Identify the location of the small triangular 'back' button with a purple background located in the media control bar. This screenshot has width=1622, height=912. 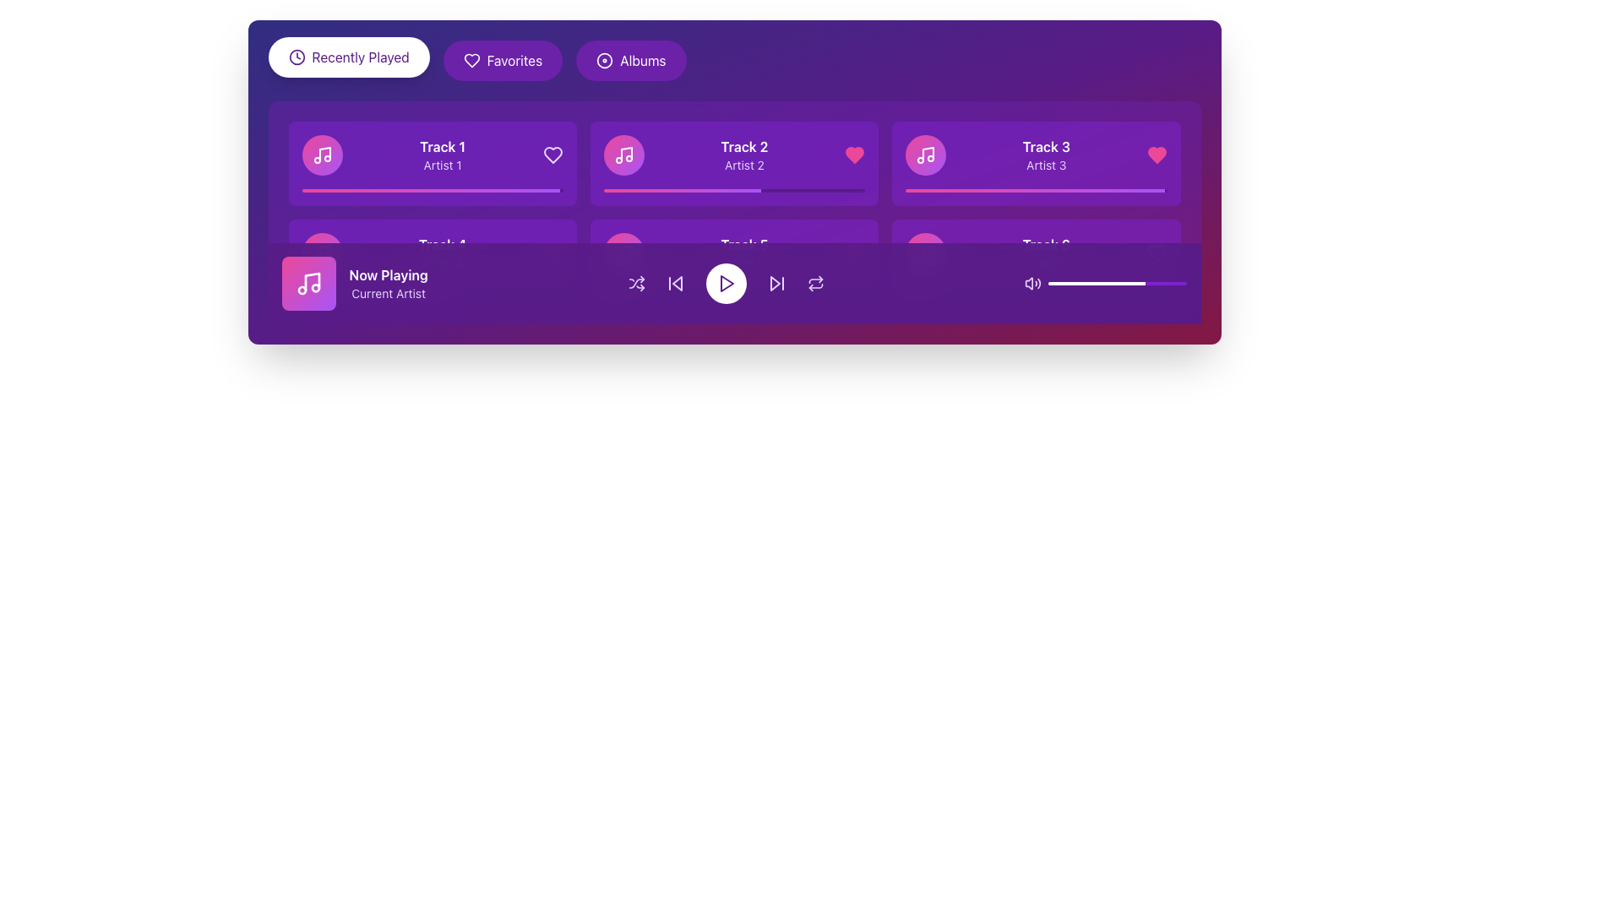
(678, 282).